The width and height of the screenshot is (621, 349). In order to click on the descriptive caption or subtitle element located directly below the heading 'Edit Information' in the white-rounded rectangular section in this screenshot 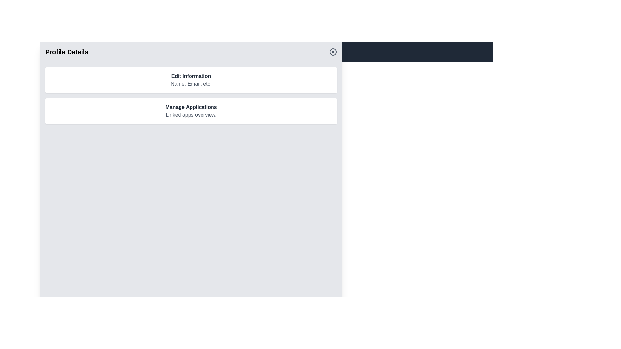, I will do `click(191, 83)`.